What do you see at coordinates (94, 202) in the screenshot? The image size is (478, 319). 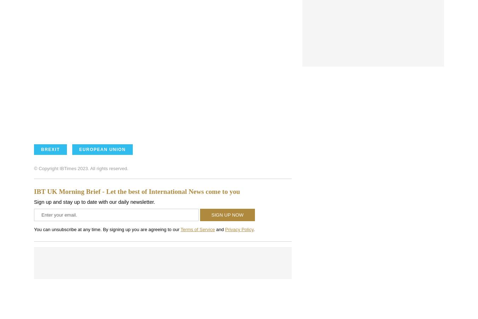 I see `'Sign up and stay up to date with our daily newsletter.'` at bounding box center [94, 202].